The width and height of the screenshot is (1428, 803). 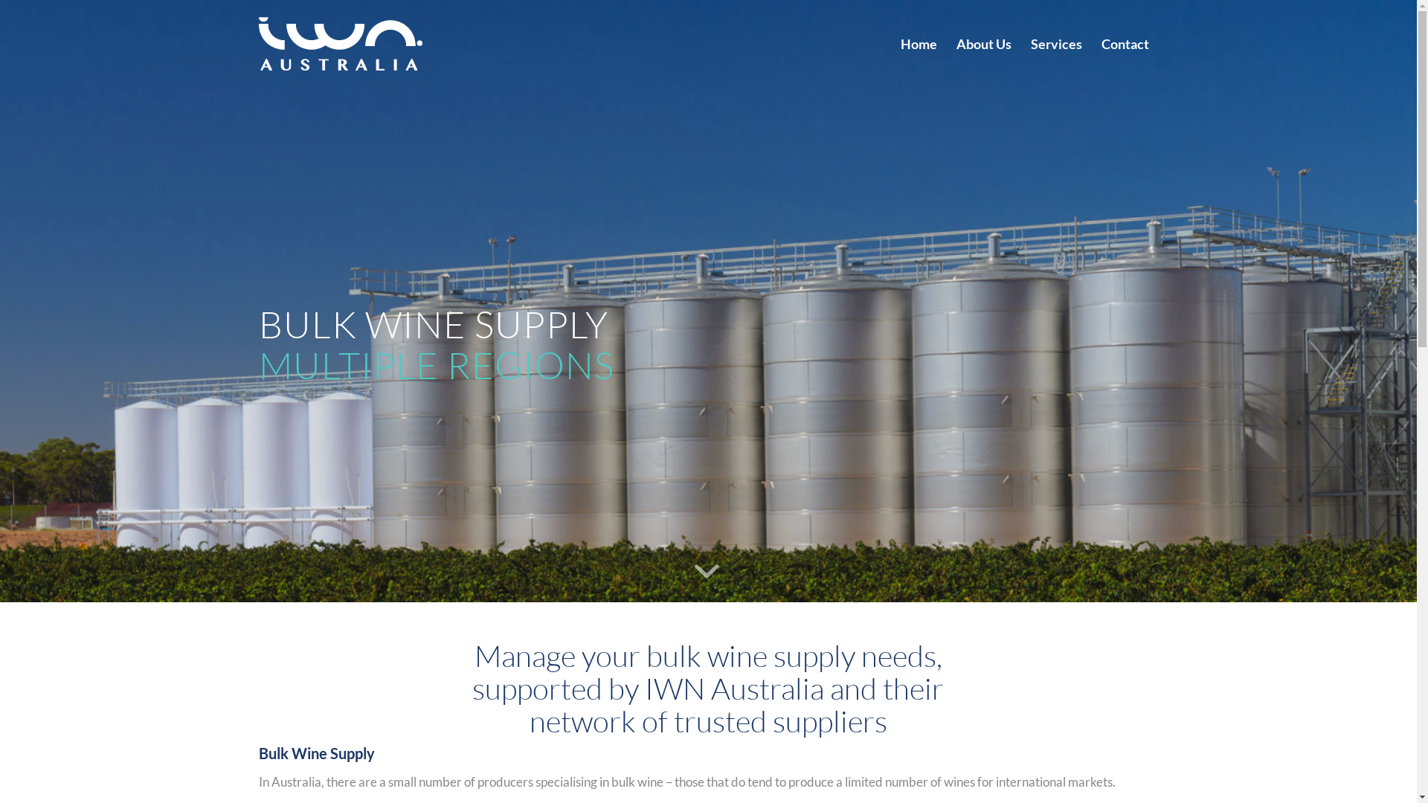 I want to click on 'About Us', so click(x=982, y=42).